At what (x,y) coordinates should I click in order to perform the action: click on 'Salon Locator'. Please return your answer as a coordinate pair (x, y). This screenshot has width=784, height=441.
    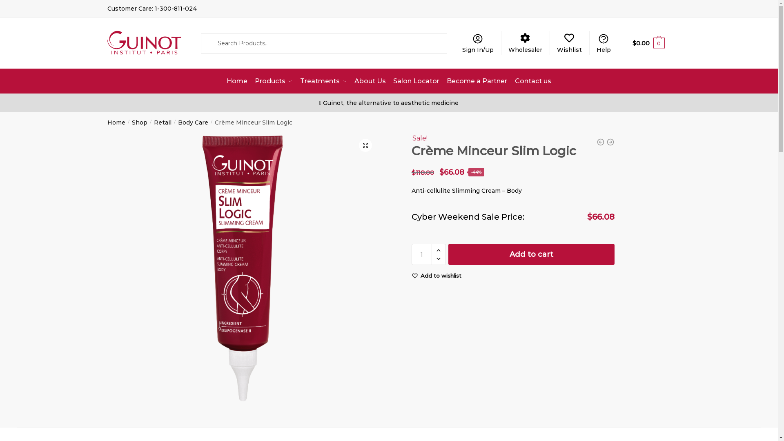
    Looking at the image, I should click on (390, 81).